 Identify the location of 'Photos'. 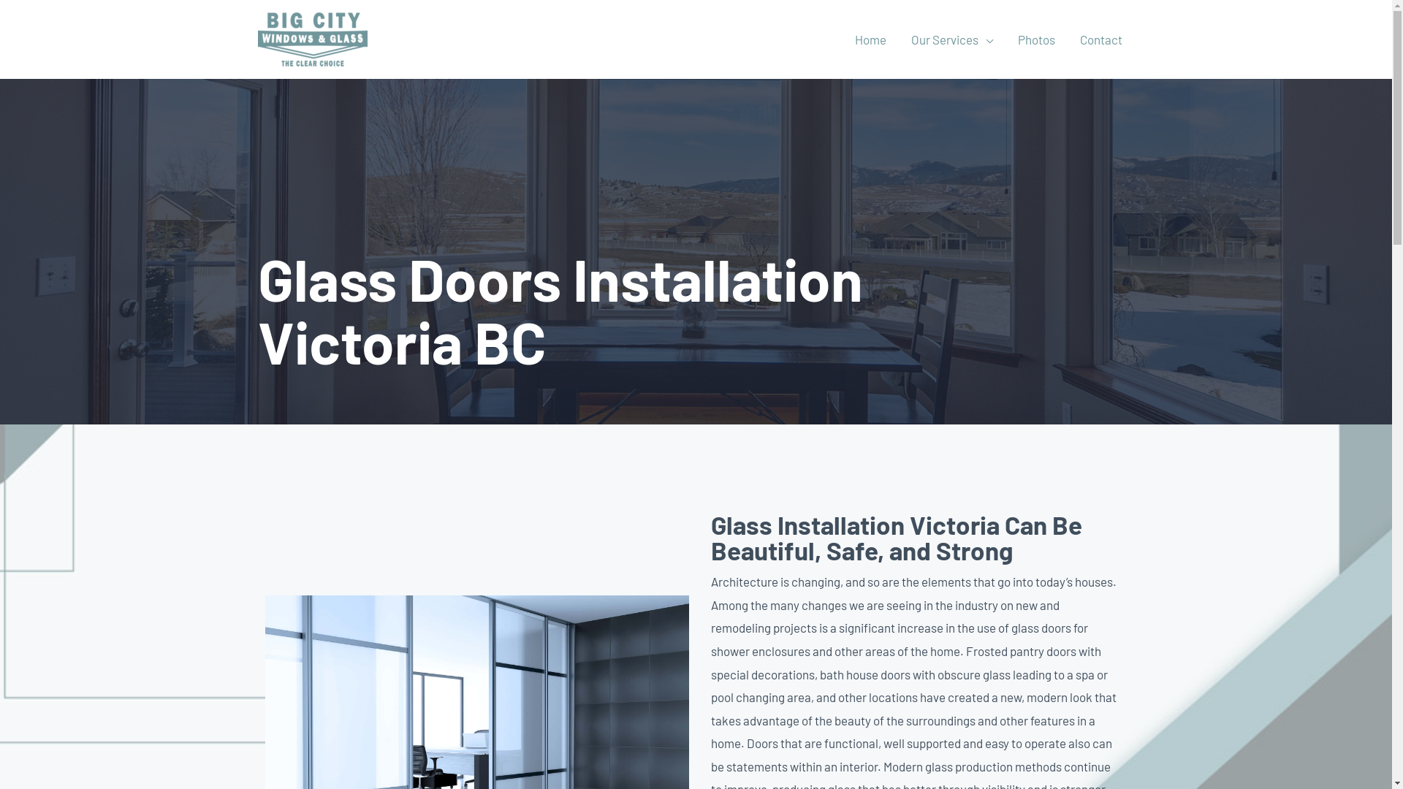
(1035, 39).